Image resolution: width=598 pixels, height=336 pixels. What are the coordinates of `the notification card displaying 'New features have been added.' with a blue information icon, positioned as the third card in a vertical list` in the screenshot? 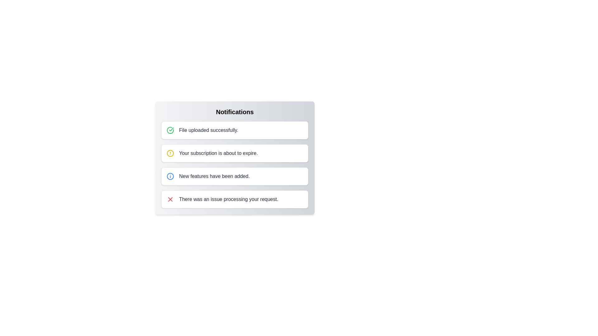 It's located at (234, 176).